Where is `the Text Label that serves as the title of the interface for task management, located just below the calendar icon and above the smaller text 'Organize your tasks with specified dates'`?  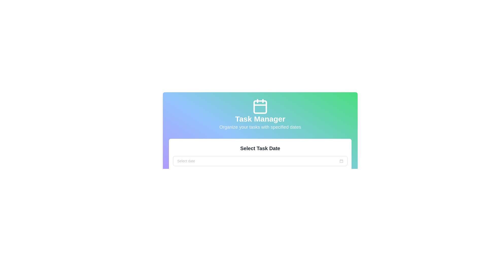
the Text Label that serves as the title of the interface for task management, located just below the calendar icon and above the smaller text 'Organize your tasks with specified dates' is located at coordinates (260, 119).